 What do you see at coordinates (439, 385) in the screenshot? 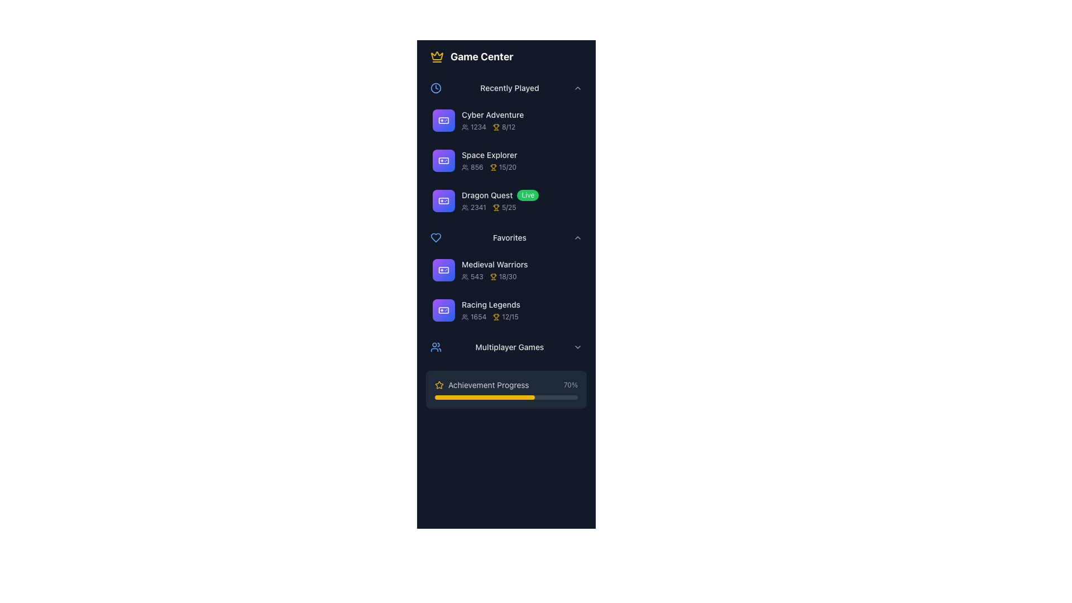
I see `the achievement progress icon located to the left of the 'Achievement Progress' label at the bottom of the viewport for potential interaction` at bounding box center [439, 385].